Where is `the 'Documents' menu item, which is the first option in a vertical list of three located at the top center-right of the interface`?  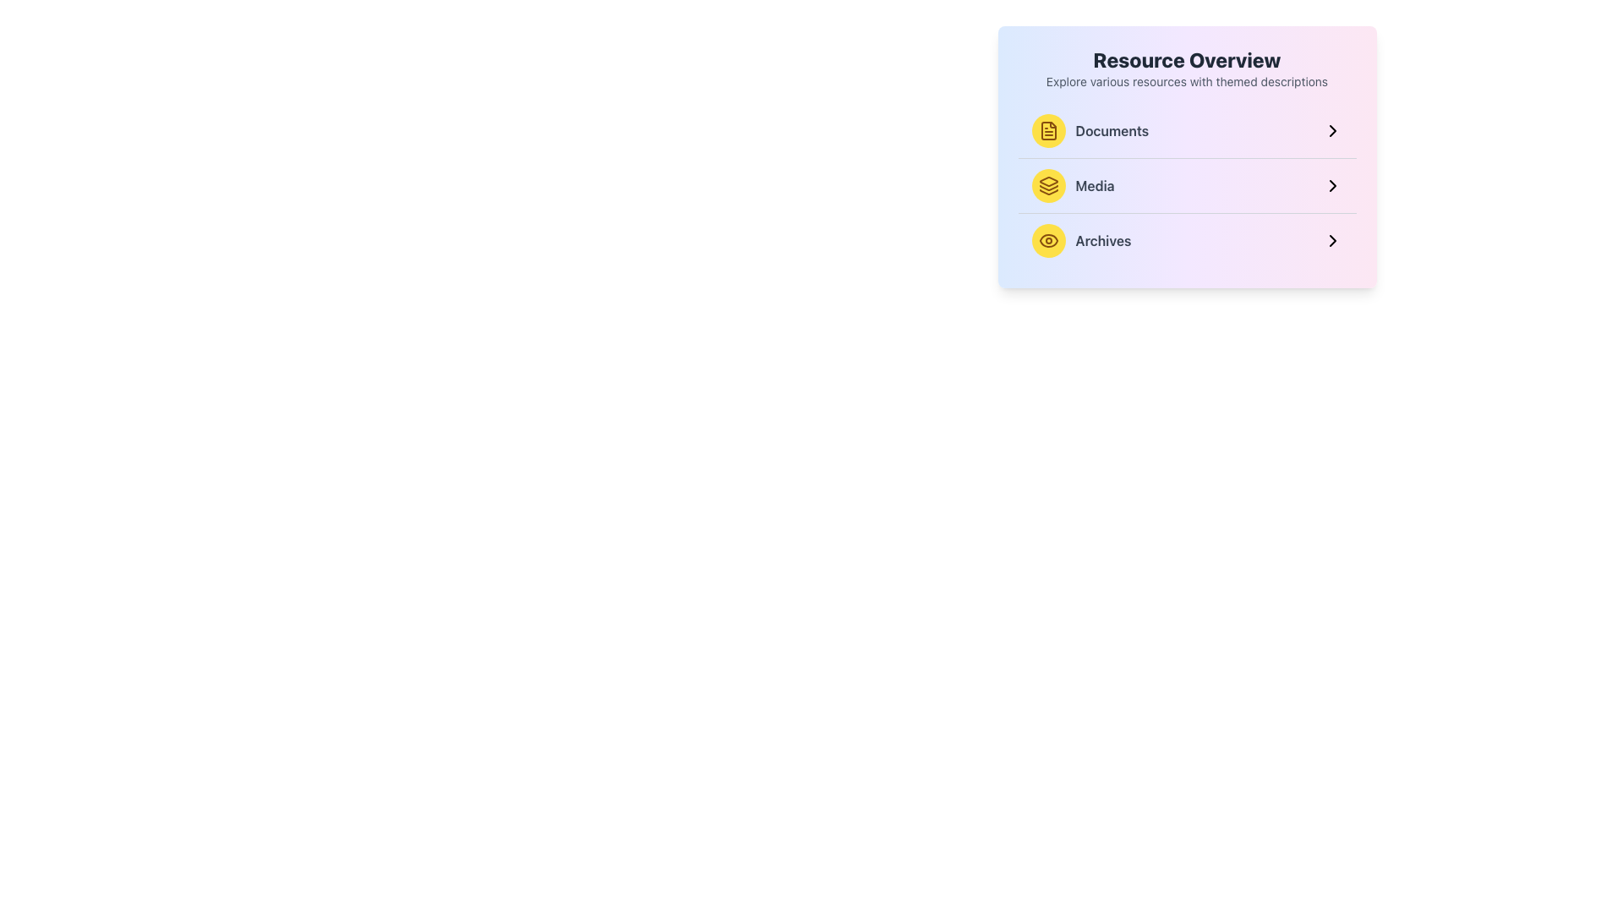
the 'Documents' menu item, which is the first option in a vertical list of three located at the top center-right of the interface is located at coordinates (1186, 129).